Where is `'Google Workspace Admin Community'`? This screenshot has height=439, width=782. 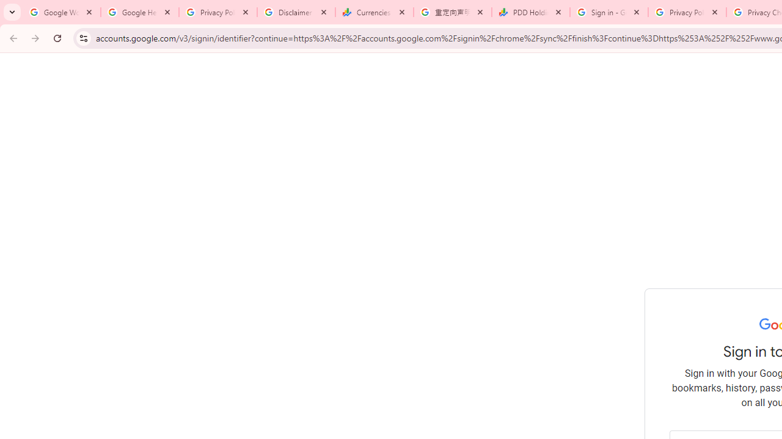 'Google Workspace Admin Community' is located at coordinates (61, 12).